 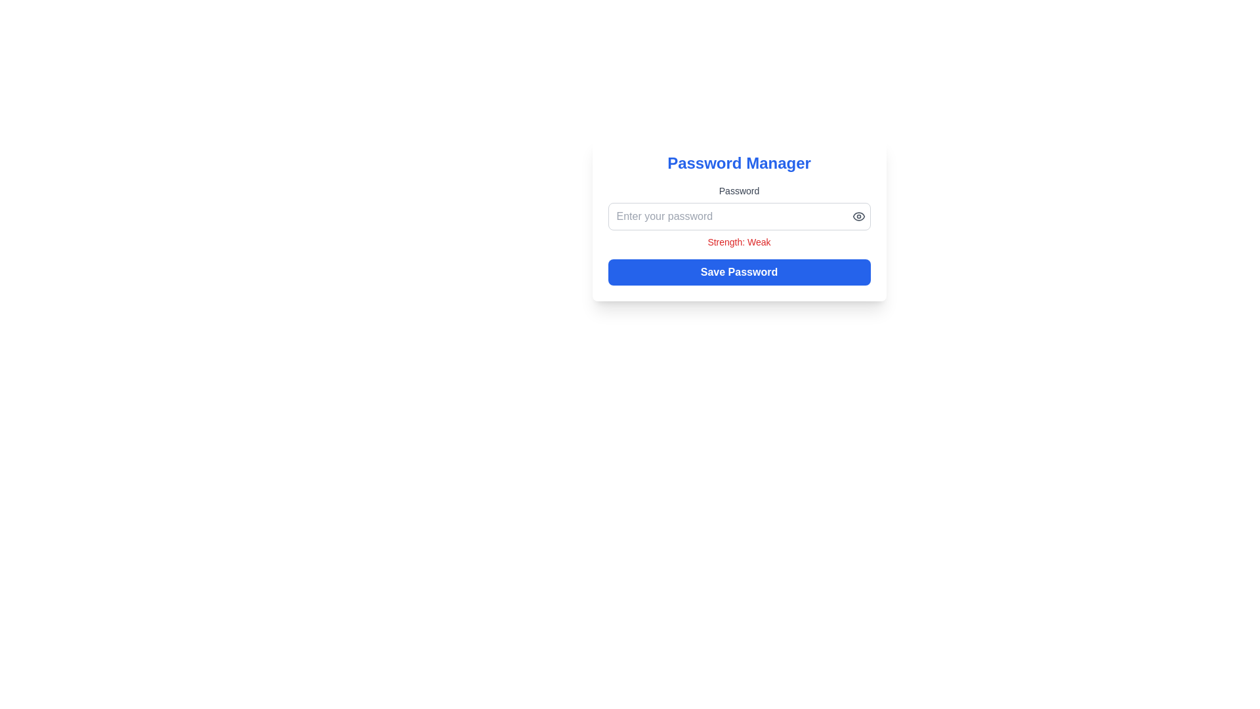 What do you see at coordinates (858, 216) in the screenshot?
I see `the semi-oval stroke element that is part of the eye icon located near the right side of the 'Password' input field` at bounding box center [858, 216].